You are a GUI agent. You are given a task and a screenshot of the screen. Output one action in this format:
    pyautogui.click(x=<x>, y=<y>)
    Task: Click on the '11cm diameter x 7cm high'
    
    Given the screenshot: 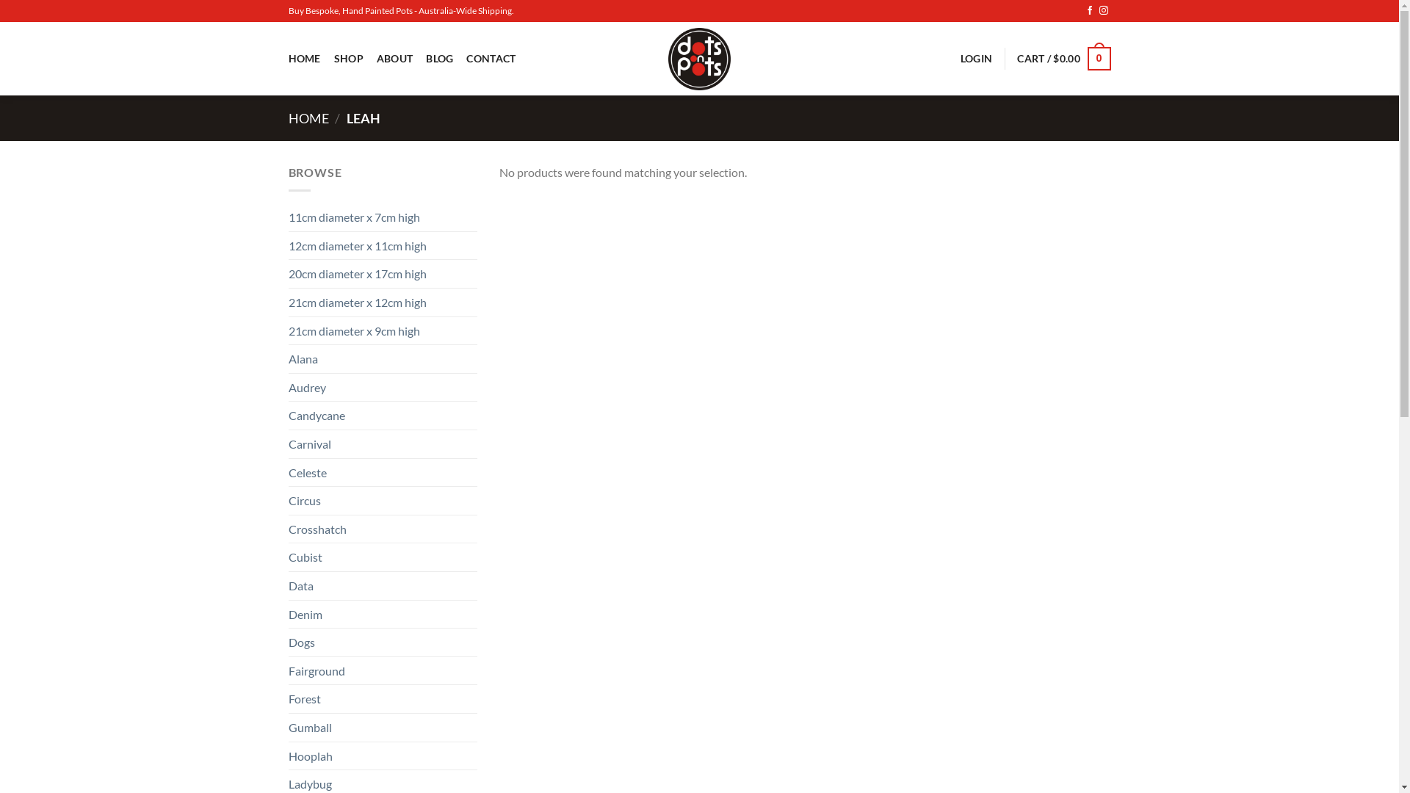 What is the action you would take?
    pyautogui.click(x=383, y=217)
    